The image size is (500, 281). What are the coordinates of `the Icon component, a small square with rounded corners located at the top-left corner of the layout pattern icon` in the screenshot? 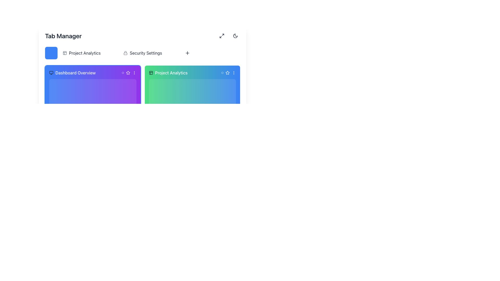 It's located at (151, 73).